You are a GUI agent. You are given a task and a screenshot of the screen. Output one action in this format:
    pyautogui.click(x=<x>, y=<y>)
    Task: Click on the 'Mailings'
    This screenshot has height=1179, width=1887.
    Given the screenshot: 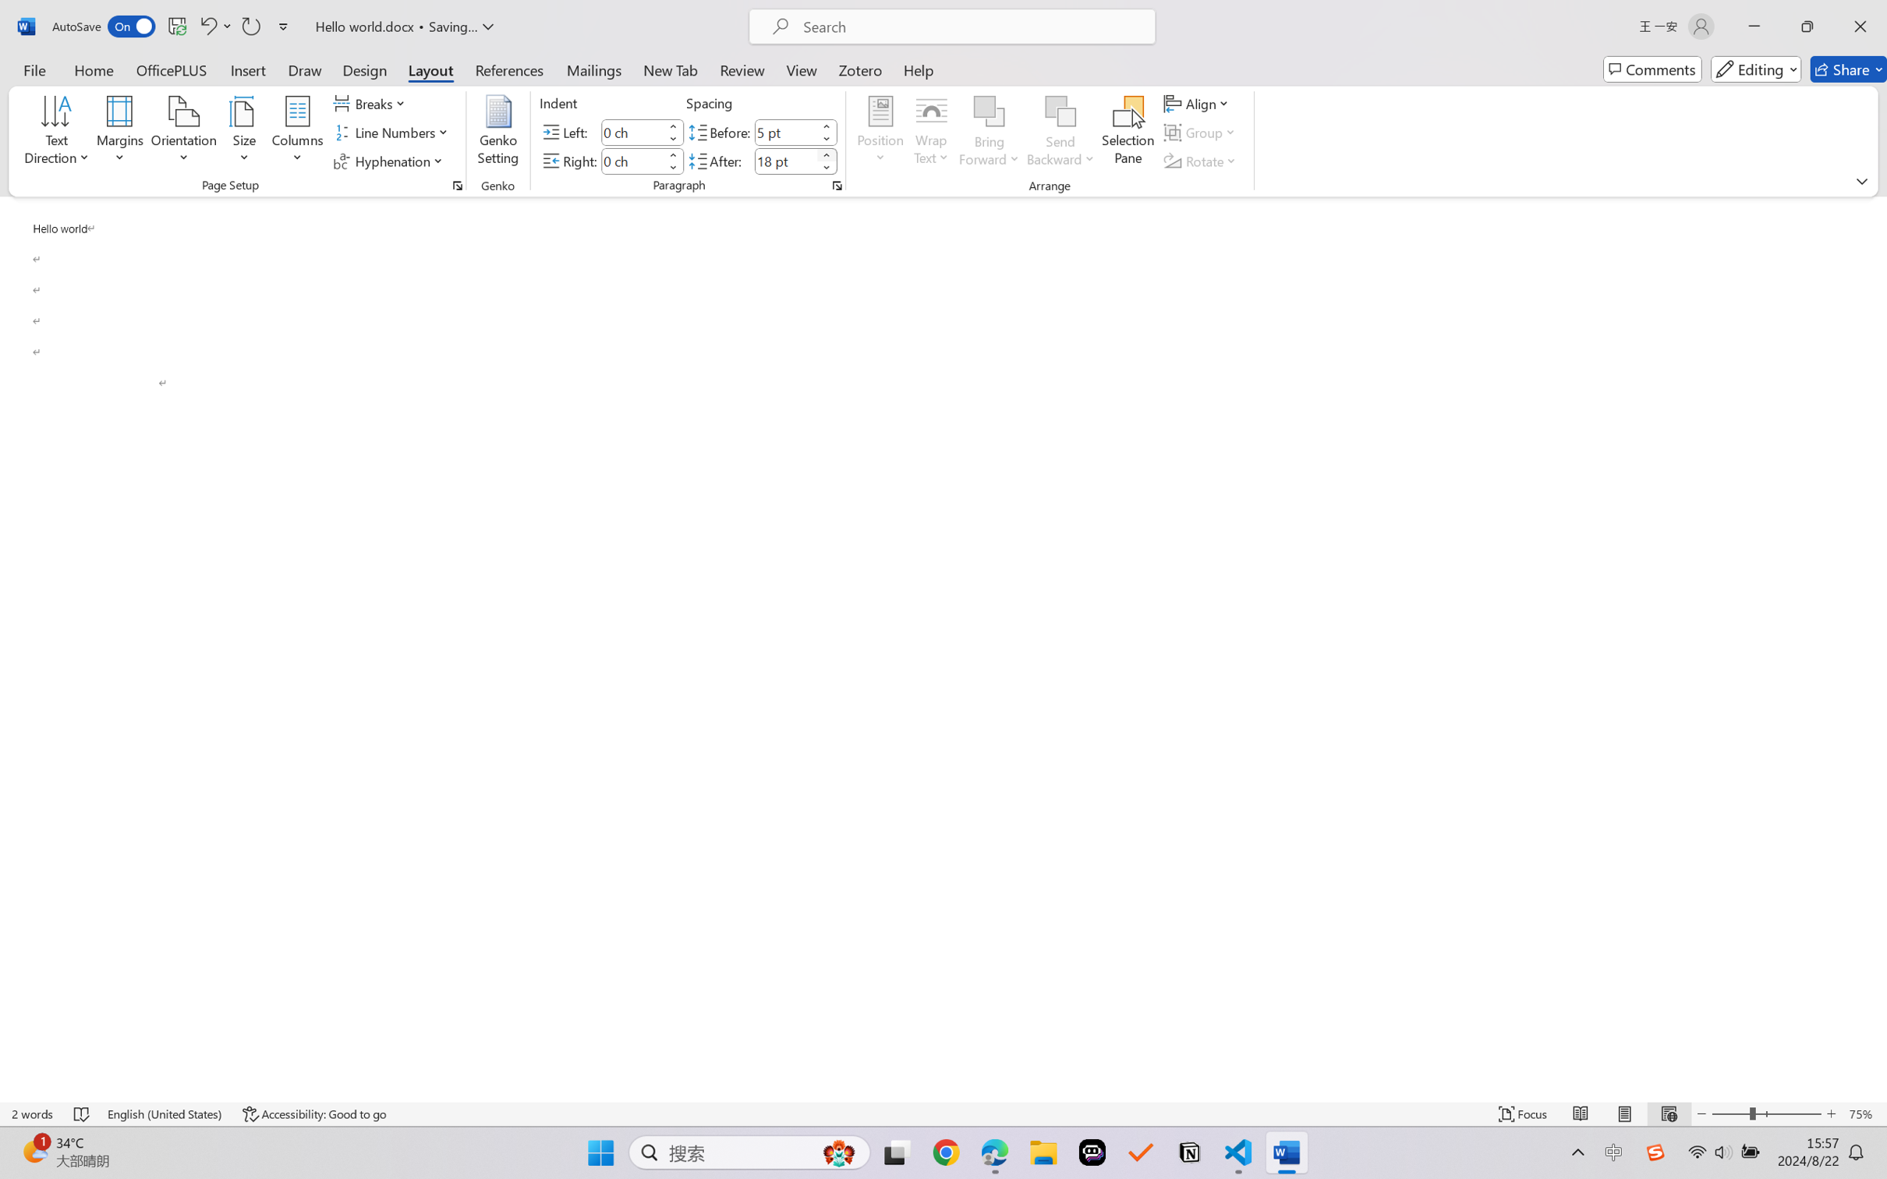 What is the action you would take?
    pyautogui.click(x=594, y=69)
    